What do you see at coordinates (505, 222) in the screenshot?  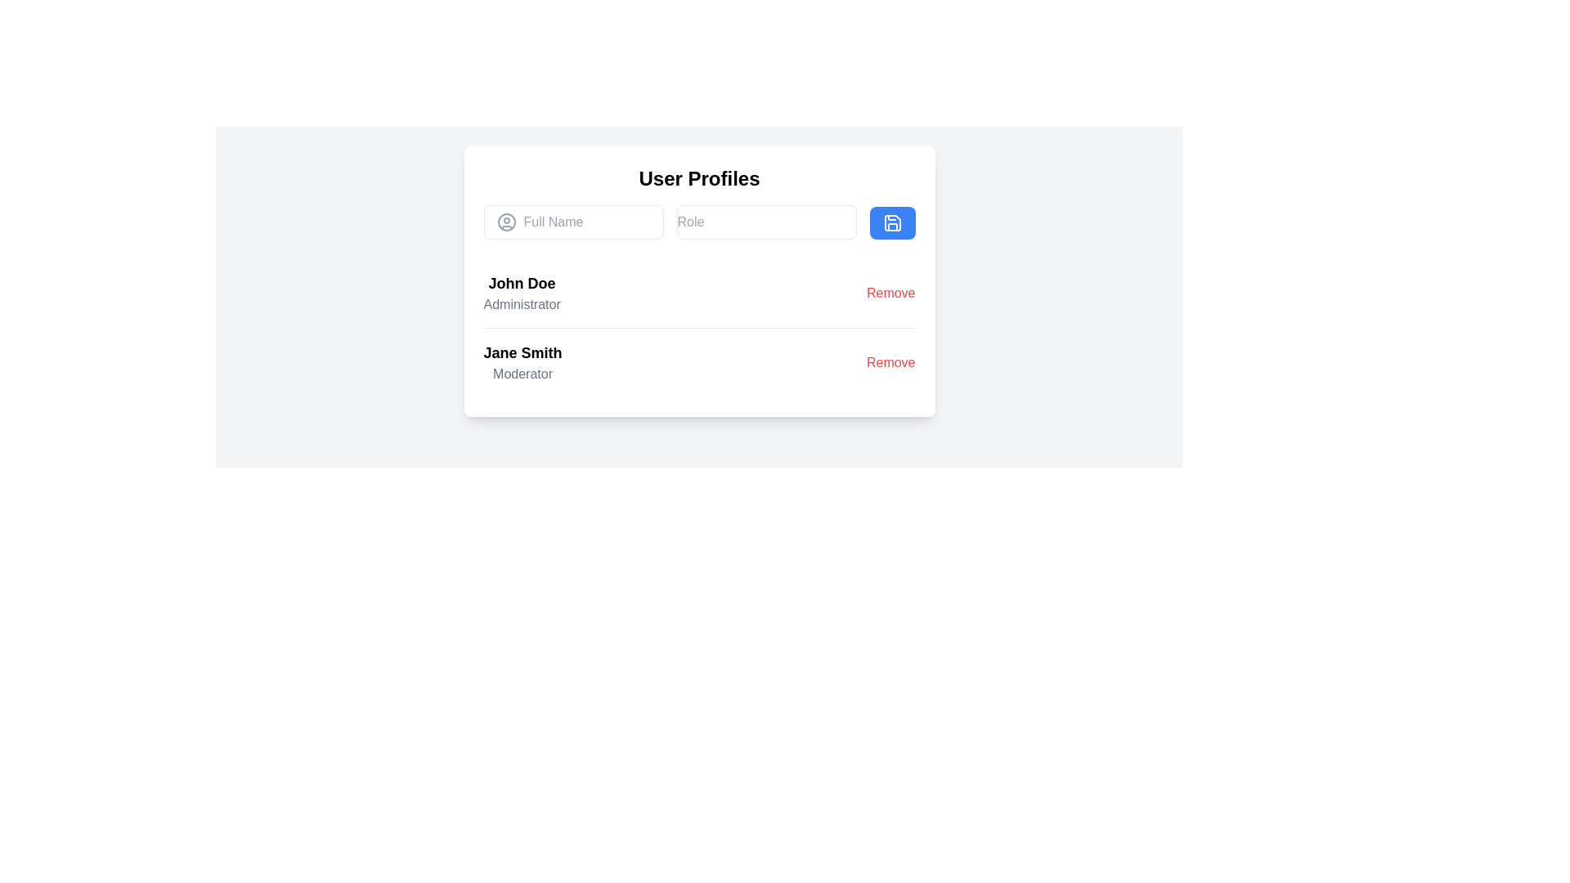 I see `the outermost Circle SVG element of the user icon located to the left of the 'Full Name' text input field in the 'User Profiles' card` at bounding box center [505, 222].